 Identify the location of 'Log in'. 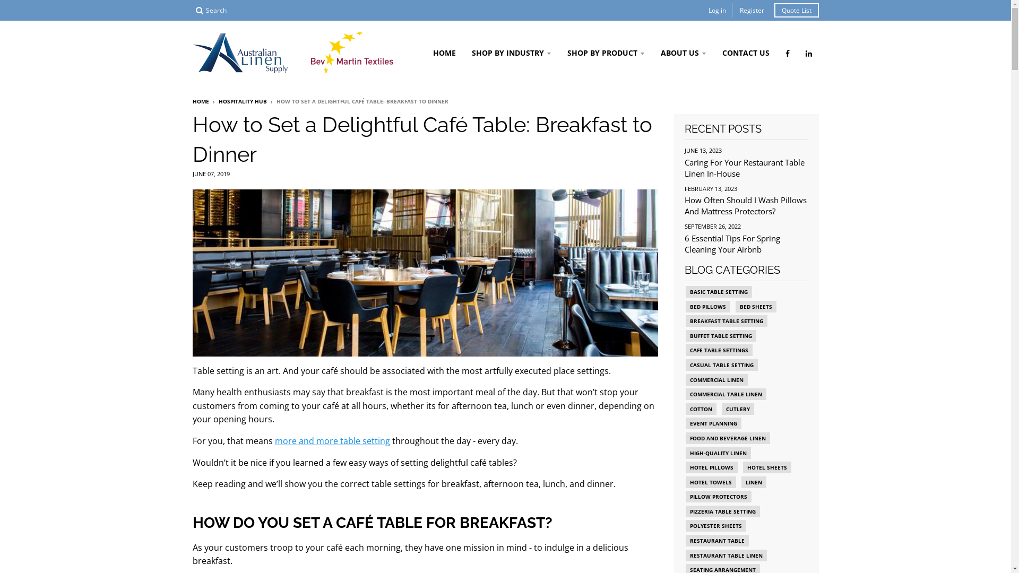
(716, 10).